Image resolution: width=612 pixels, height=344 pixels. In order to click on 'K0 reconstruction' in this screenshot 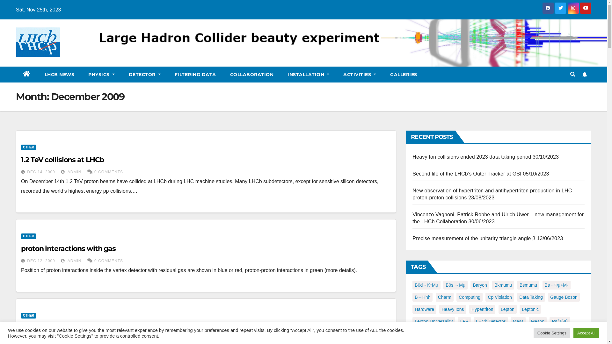, I will do `click(50, 328)`.